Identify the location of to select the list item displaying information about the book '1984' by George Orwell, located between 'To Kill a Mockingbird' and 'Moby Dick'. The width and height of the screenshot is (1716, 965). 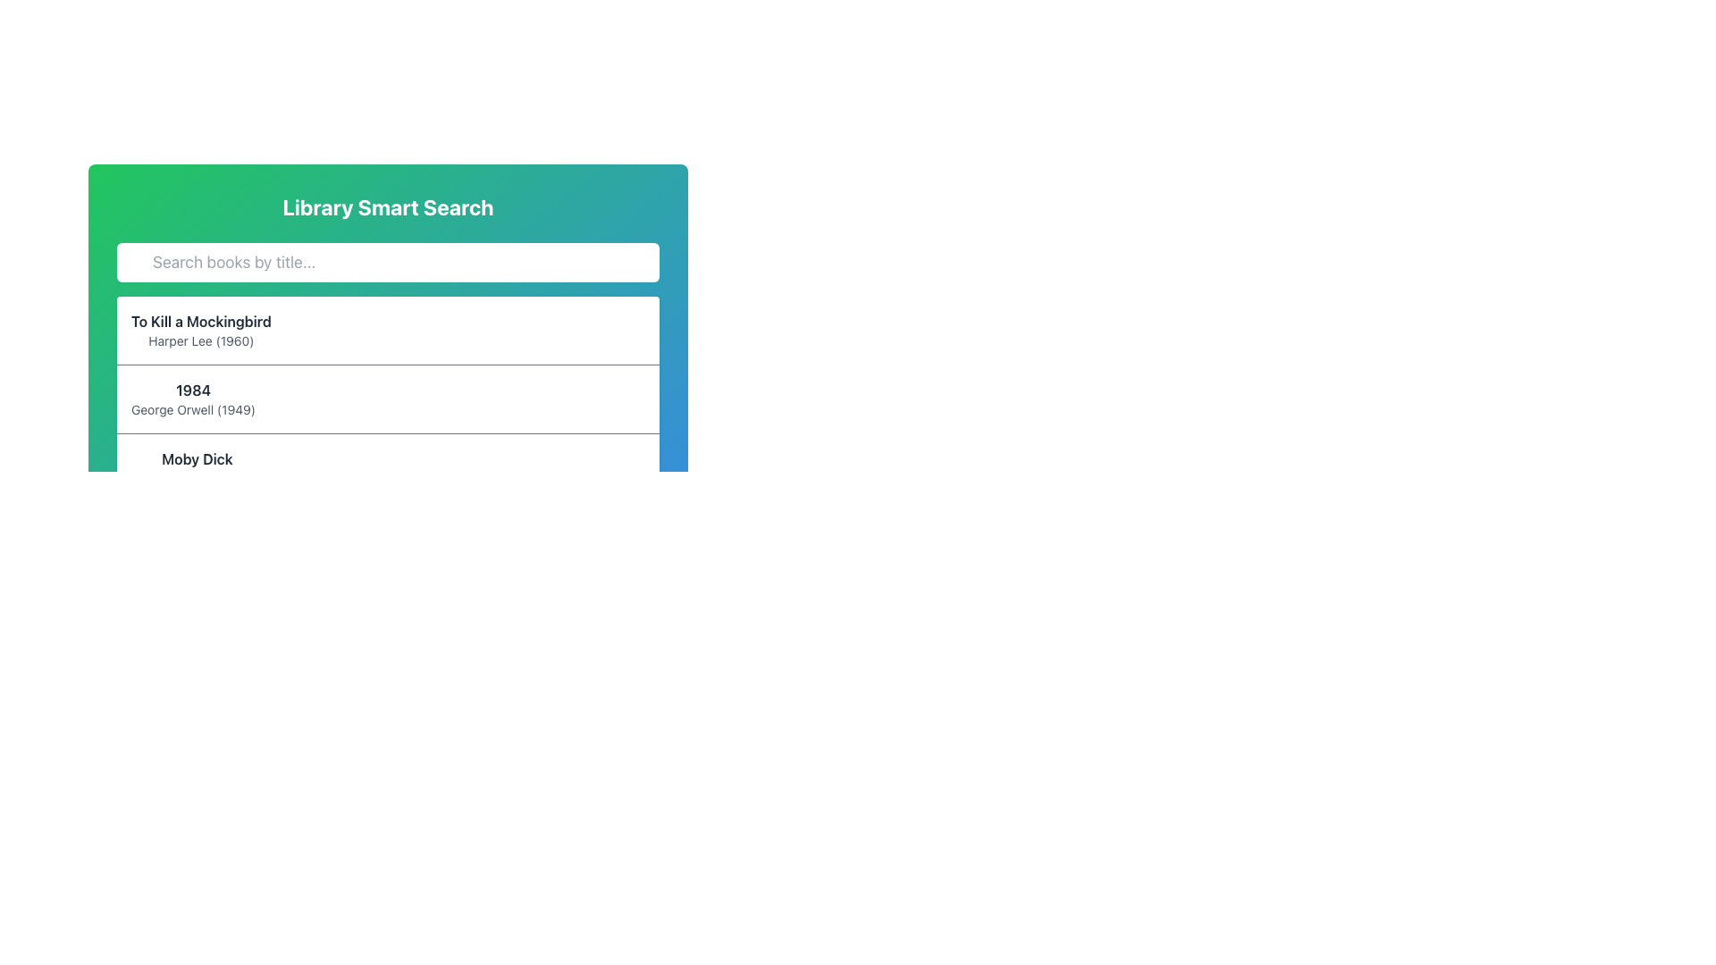
(387, 398).